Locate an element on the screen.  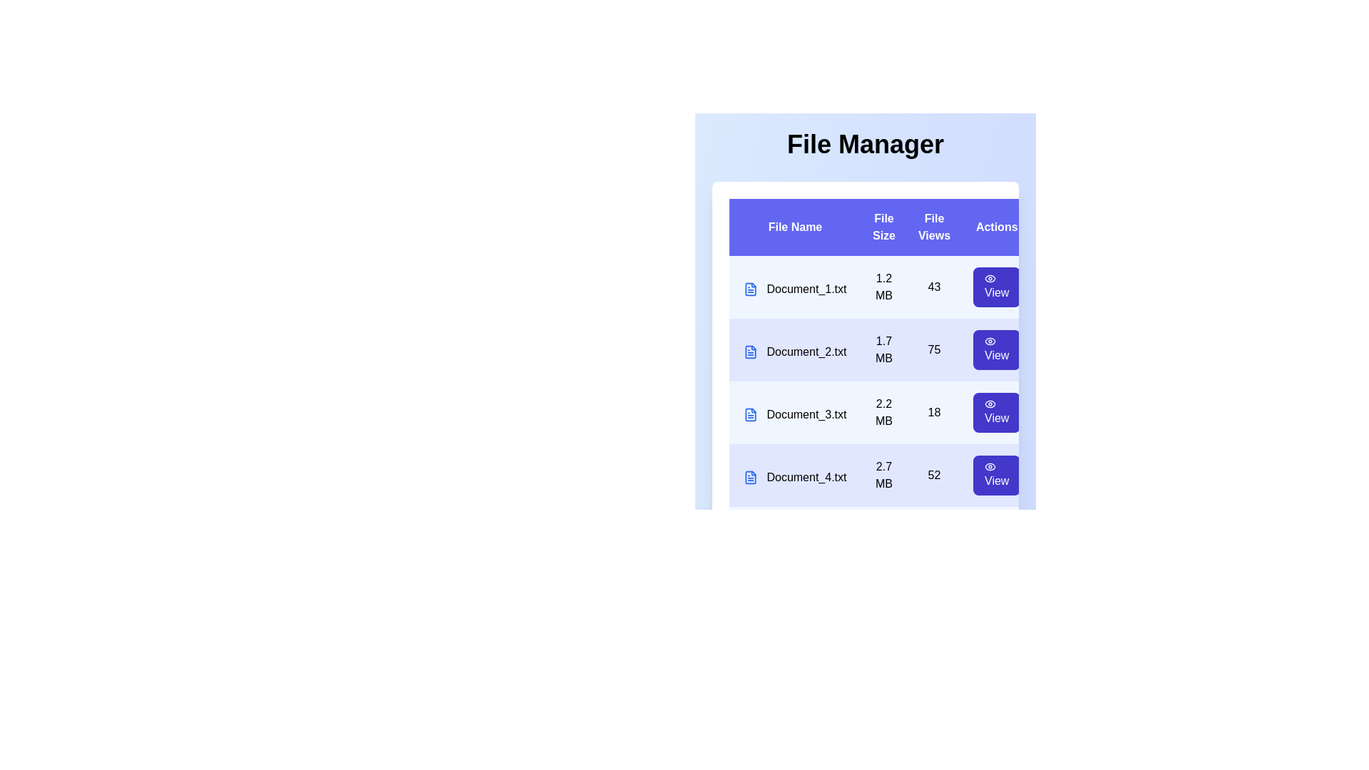
the file icon corresponding to Document_2.txt is located at coordinates (749, 351).